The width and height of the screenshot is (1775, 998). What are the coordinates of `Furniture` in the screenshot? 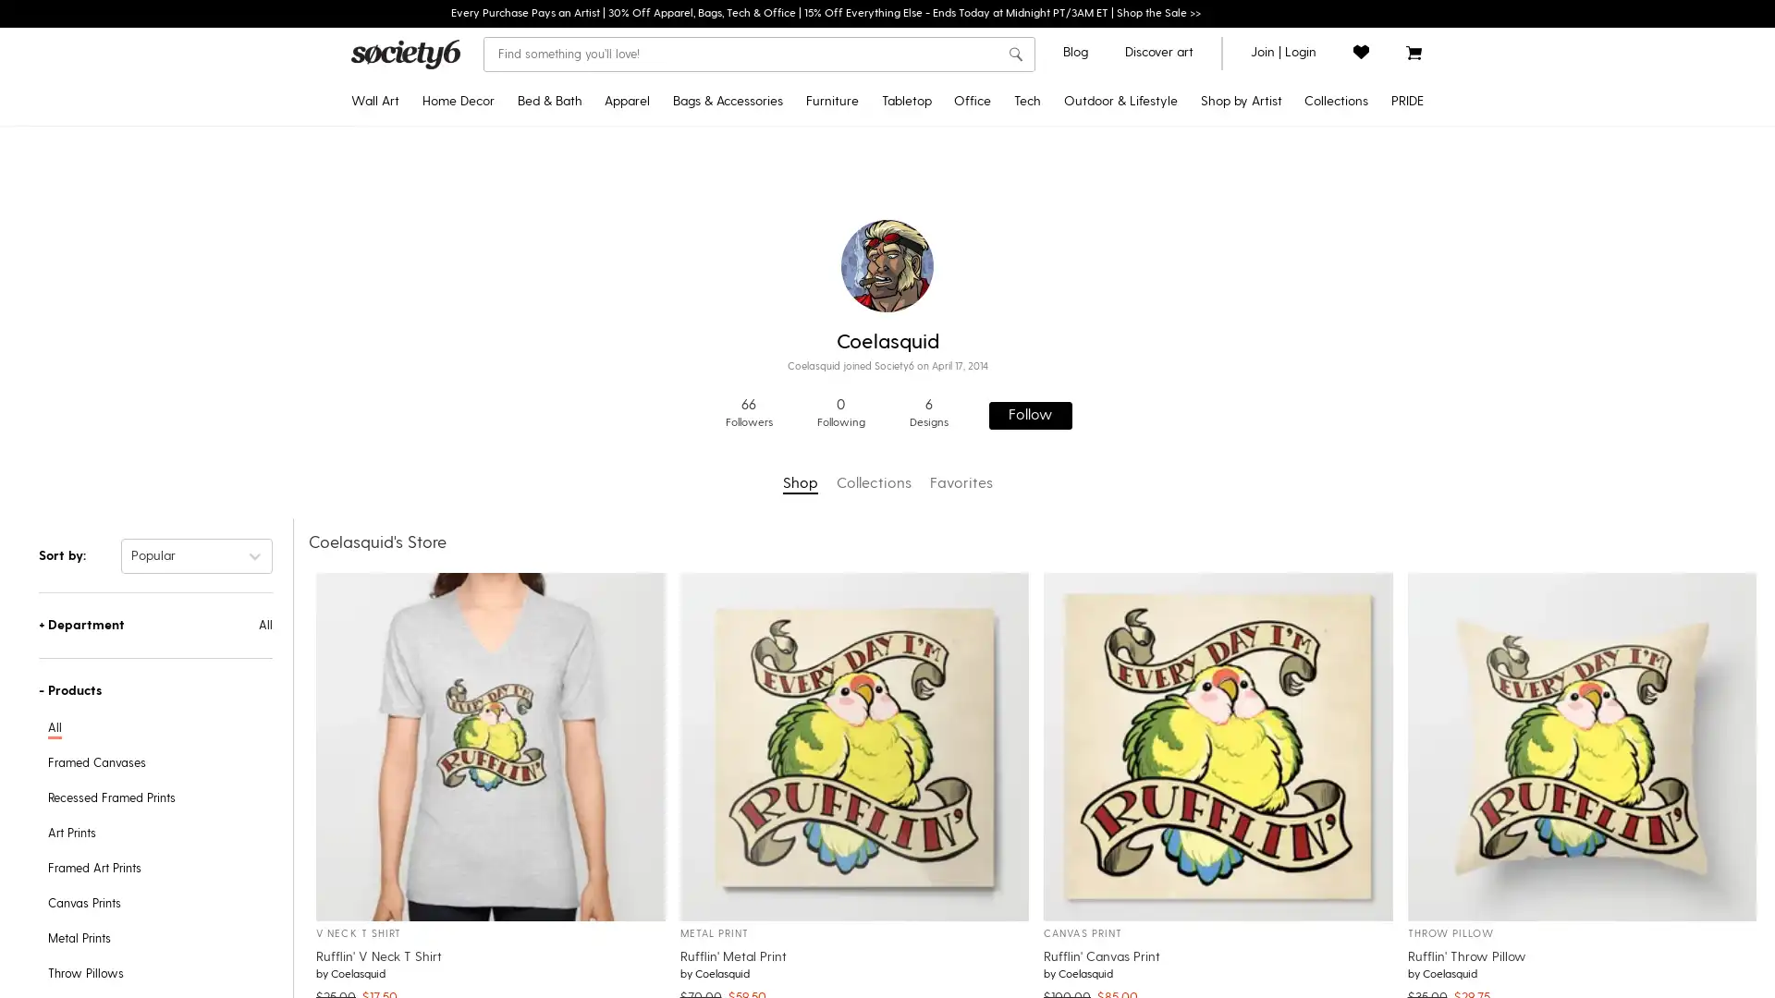 It's located at (830, 102).